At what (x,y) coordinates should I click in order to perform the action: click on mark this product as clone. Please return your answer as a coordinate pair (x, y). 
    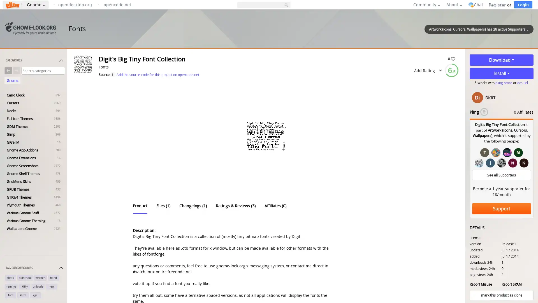
    Looking at the image, I should click on (502, 295).